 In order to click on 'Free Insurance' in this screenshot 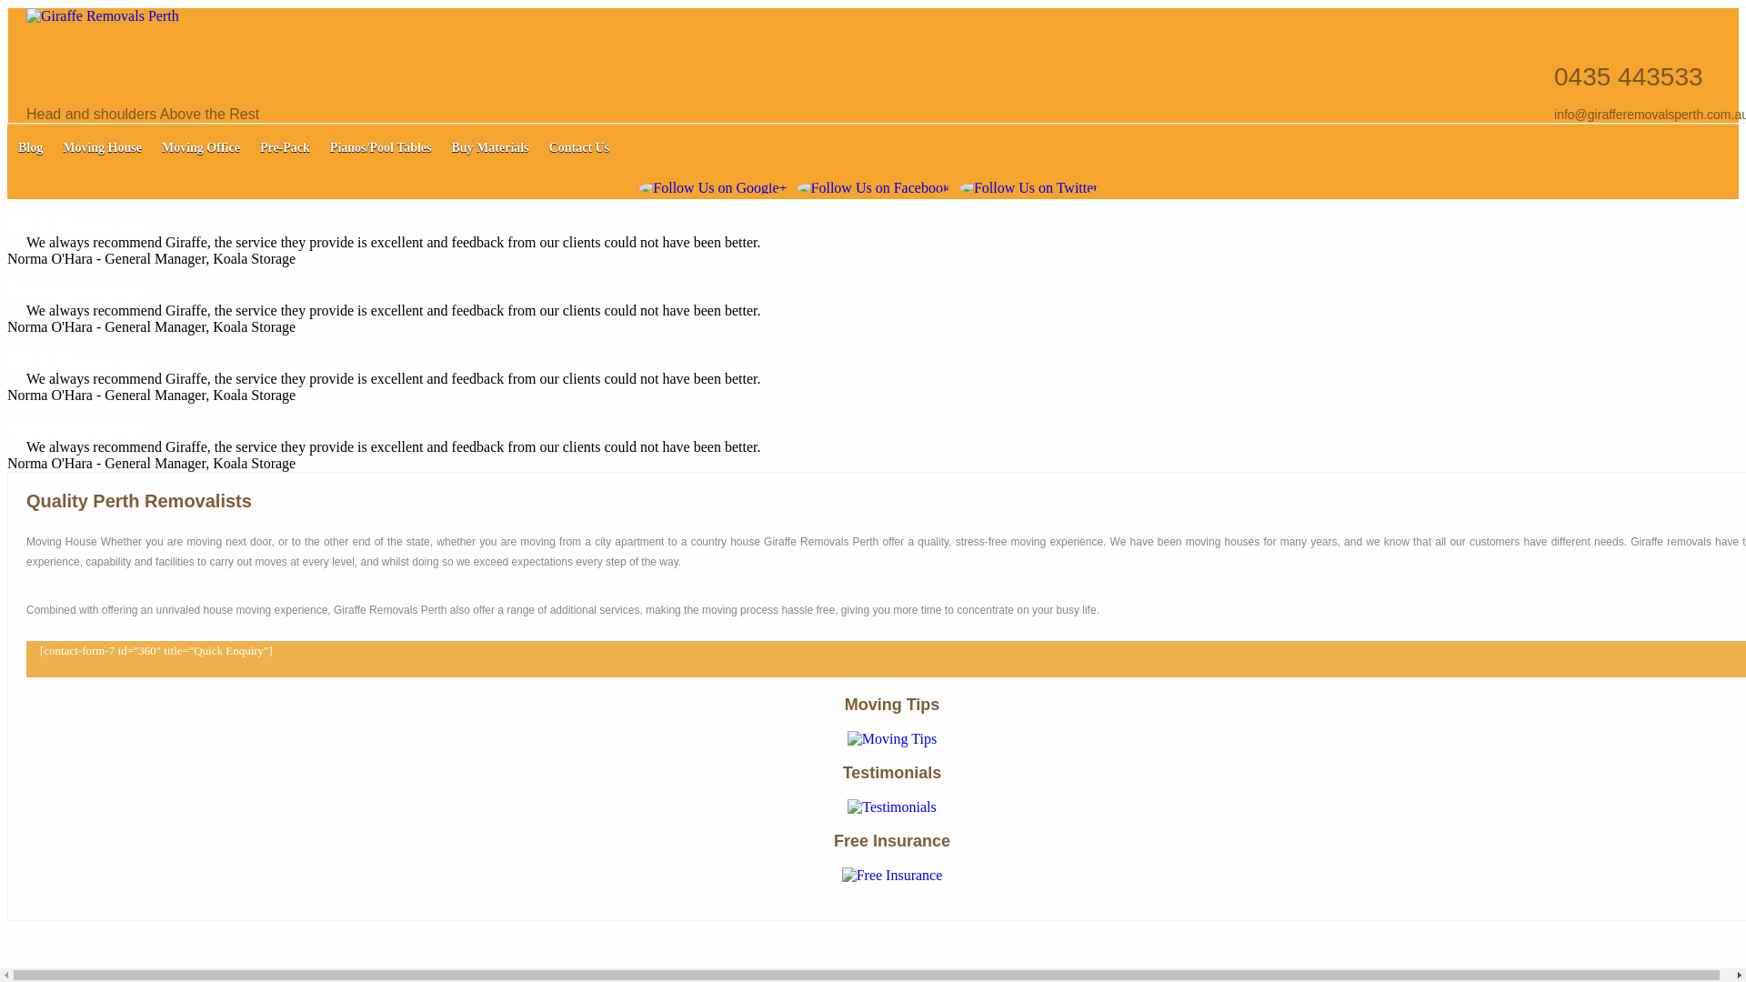, I will do `click(892, 874)`.